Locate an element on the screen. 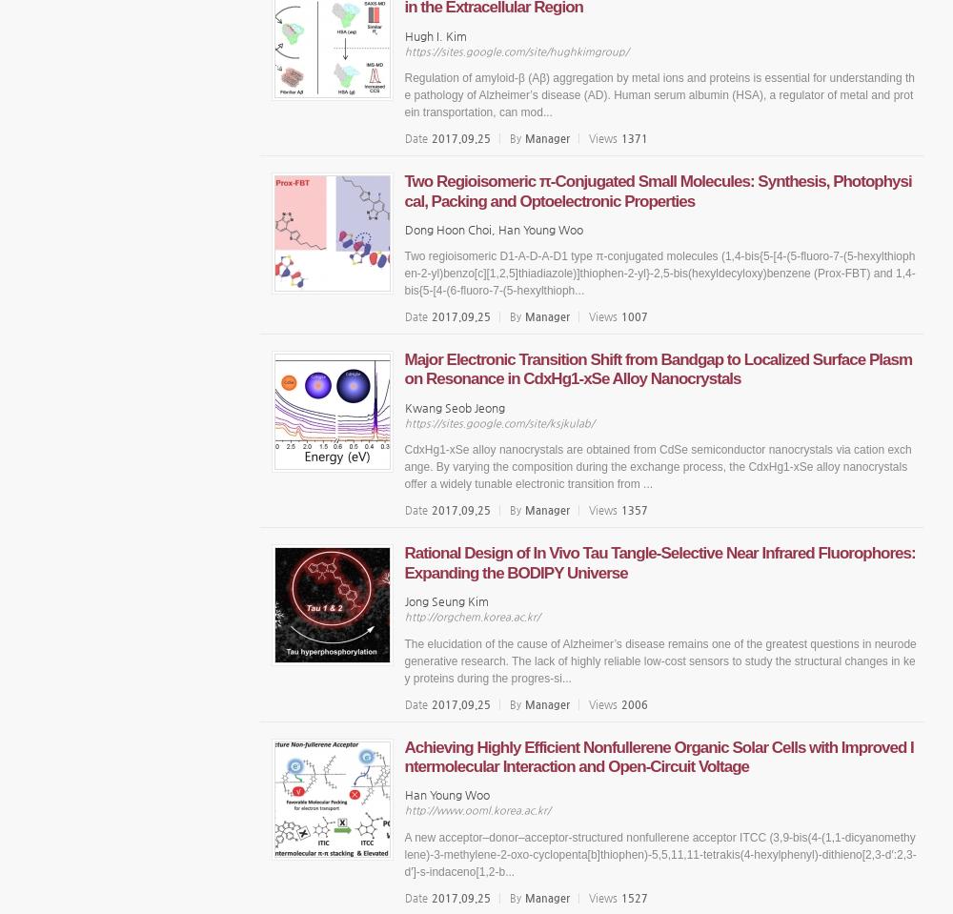 This screenshot has width=953, height=914. 'Hugh I. Kim' is located at coordinates (404, 34).